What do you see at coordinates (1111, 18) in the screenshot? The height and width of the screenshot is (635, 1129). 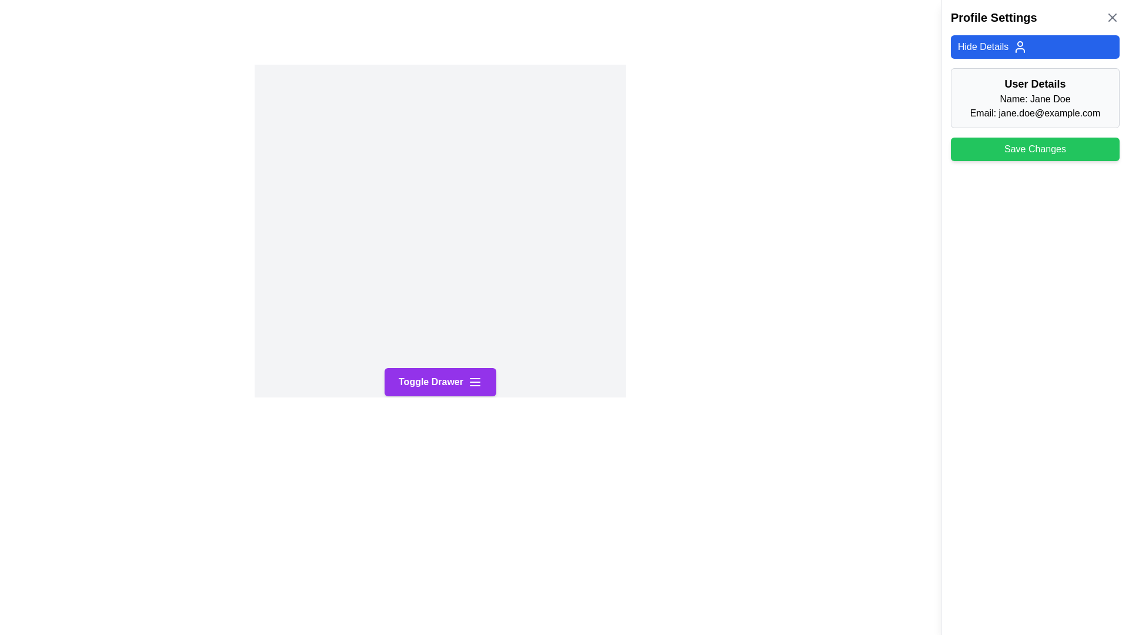 I see `the 'X' shaped close button located at the top-right corner of the 'Profile Settings' header section` at bounding box center [1111, 18].